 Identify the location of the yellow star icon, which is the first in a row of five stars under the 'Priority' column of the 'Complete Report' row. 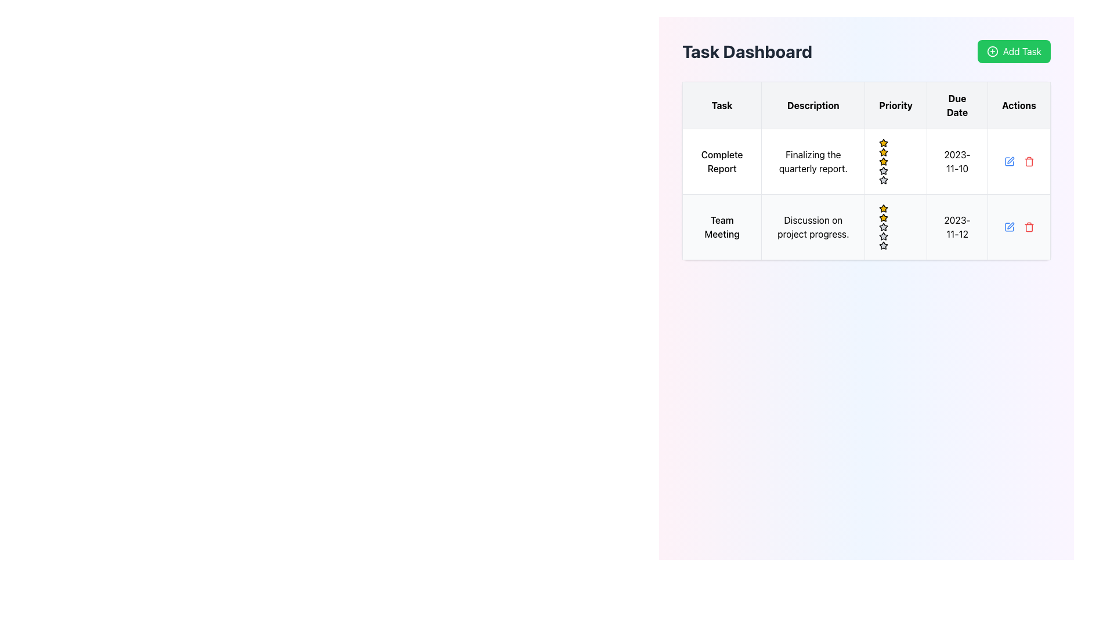
(883, 151).